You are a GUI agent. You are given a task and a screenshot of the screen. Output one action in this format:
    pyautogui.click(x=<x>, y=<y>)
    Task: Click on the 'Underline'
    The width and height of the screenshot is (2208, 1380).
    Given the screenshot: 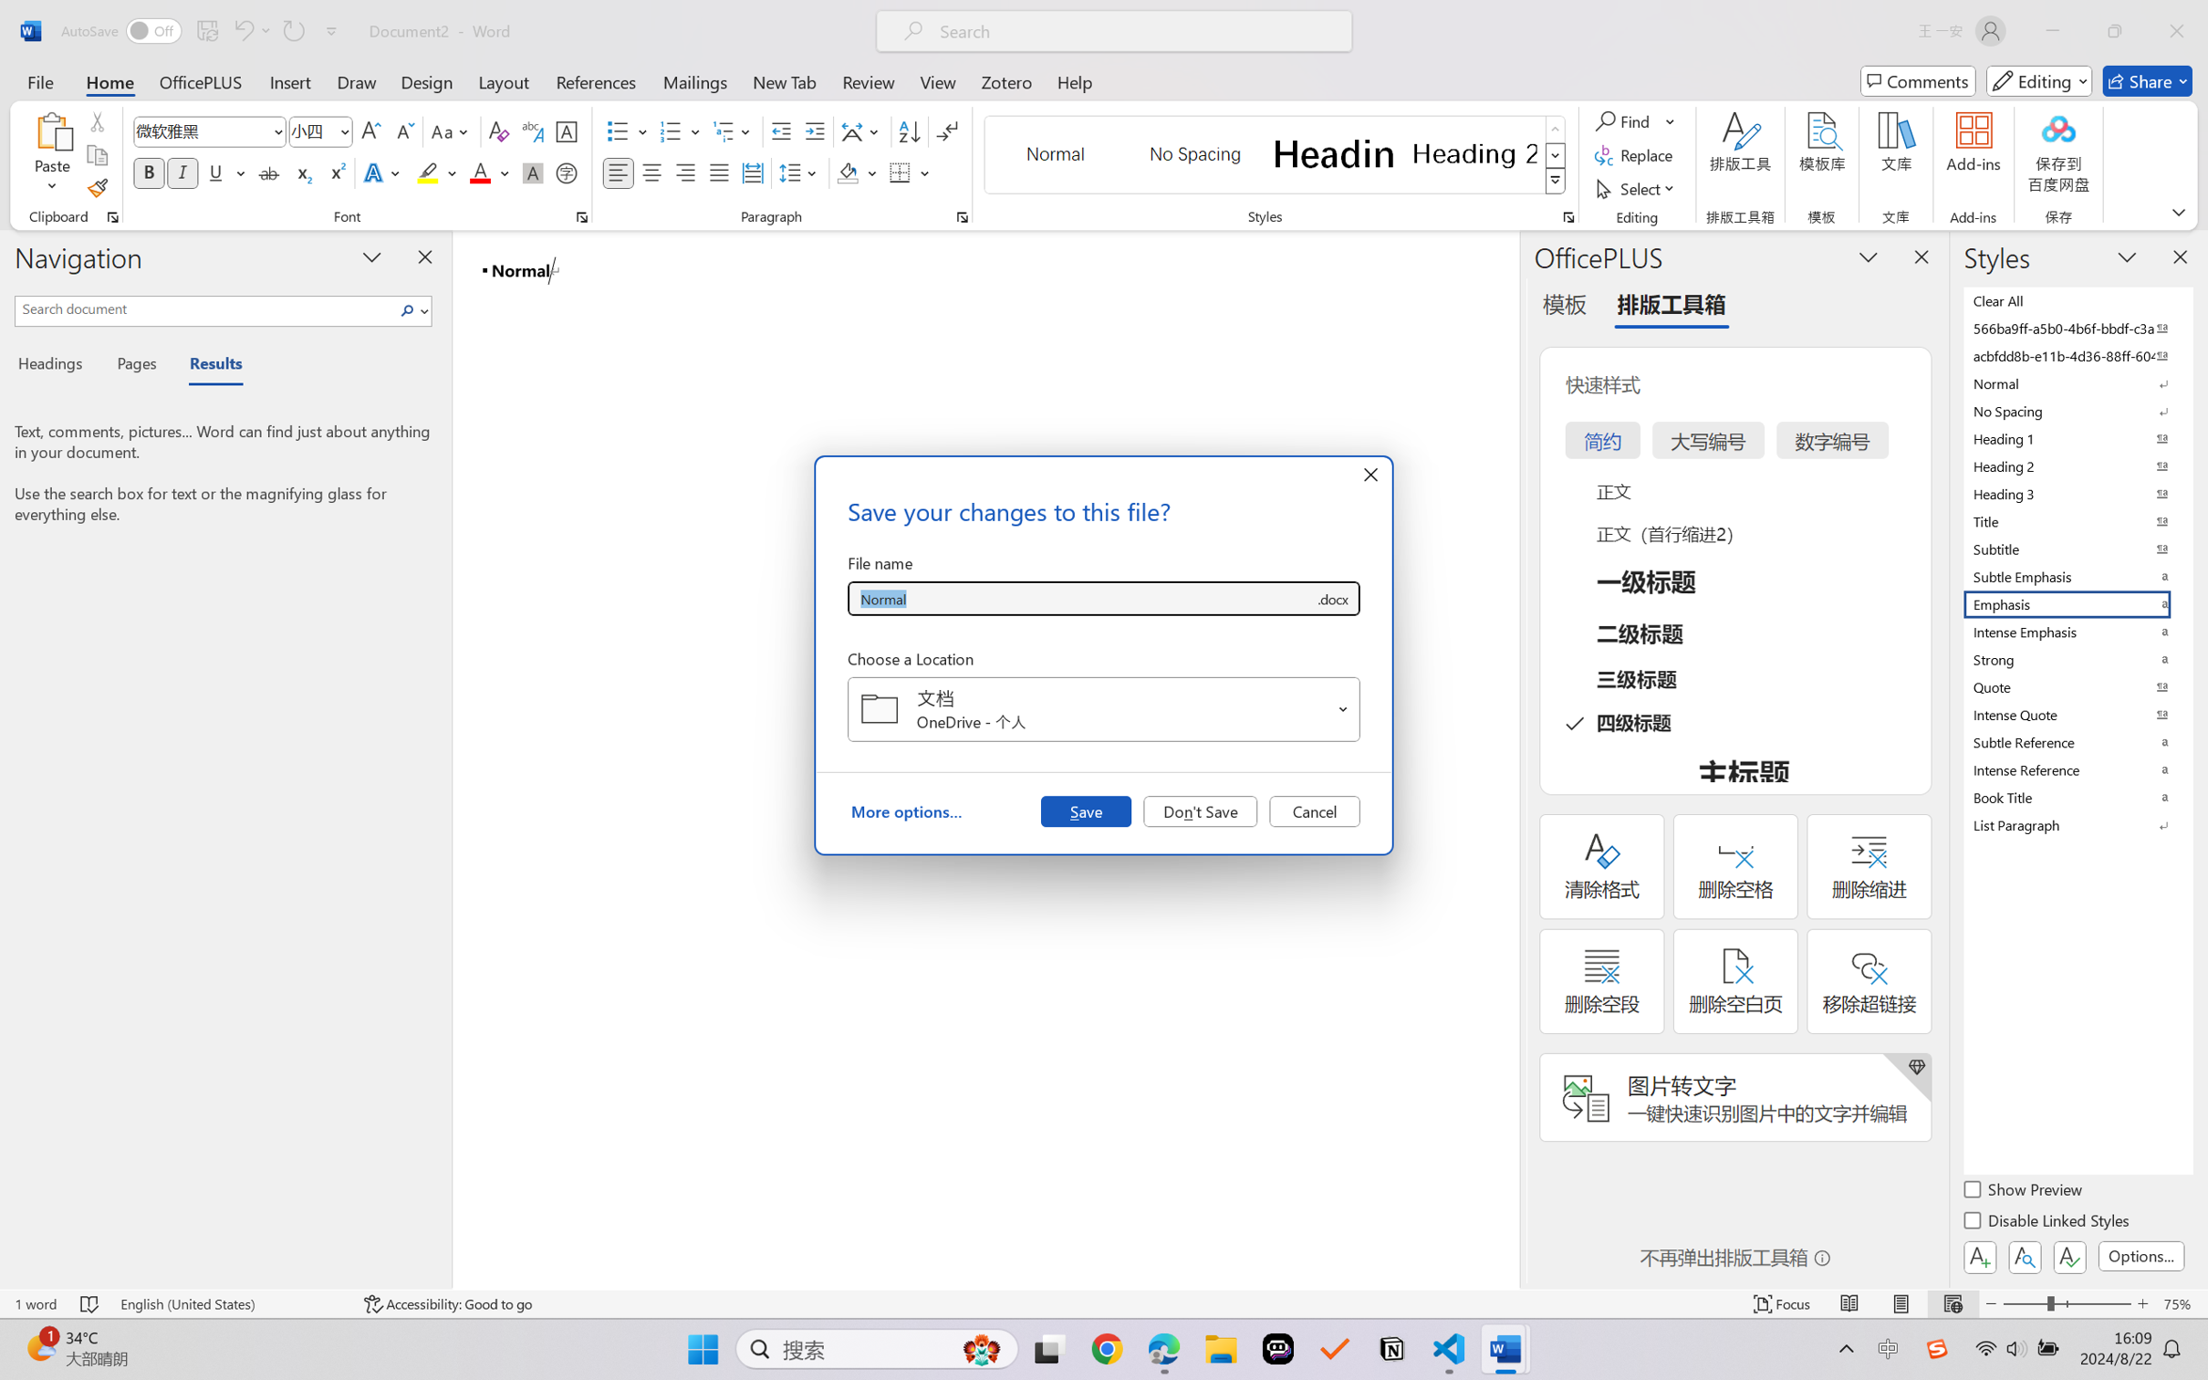 What is the action you would take?
    pyautogui.click(x=226, y=172)
    